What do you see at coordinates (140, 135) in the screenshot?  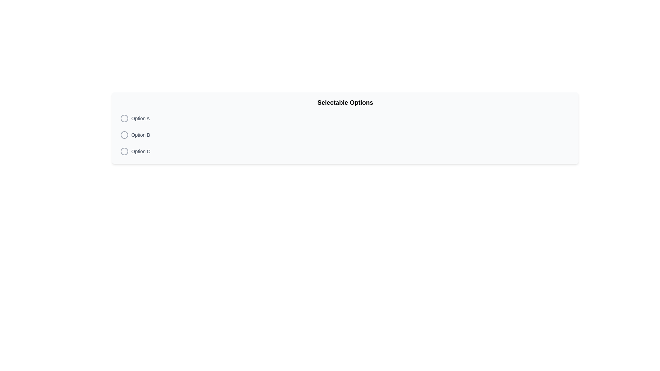 I see `the static text displaying 'Option B', which is the label for the second option in a vertical list of selectable options` at bounding box center [140, 135].